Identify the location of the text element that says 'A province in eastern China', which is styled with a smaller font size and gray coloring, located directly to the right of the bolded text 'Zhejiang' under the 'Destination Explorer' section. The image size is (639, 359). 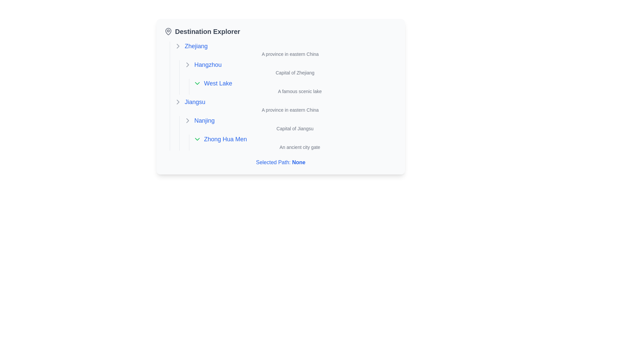
(286, 54).